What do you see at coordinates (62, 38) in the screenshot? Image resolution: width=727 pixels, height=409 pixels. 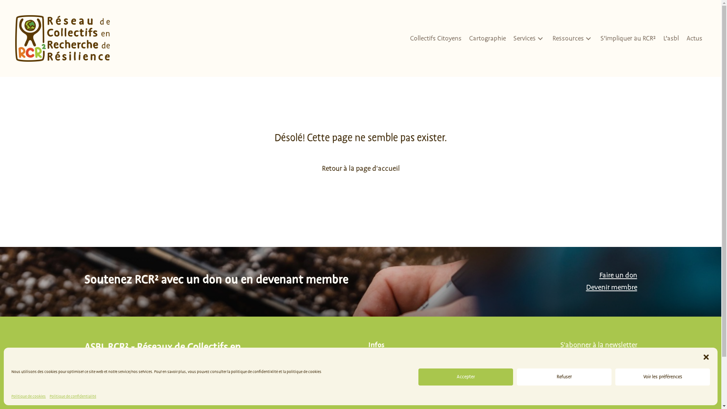 I see `'RCR2 Logo3b'` at bounding box center [62, 38].